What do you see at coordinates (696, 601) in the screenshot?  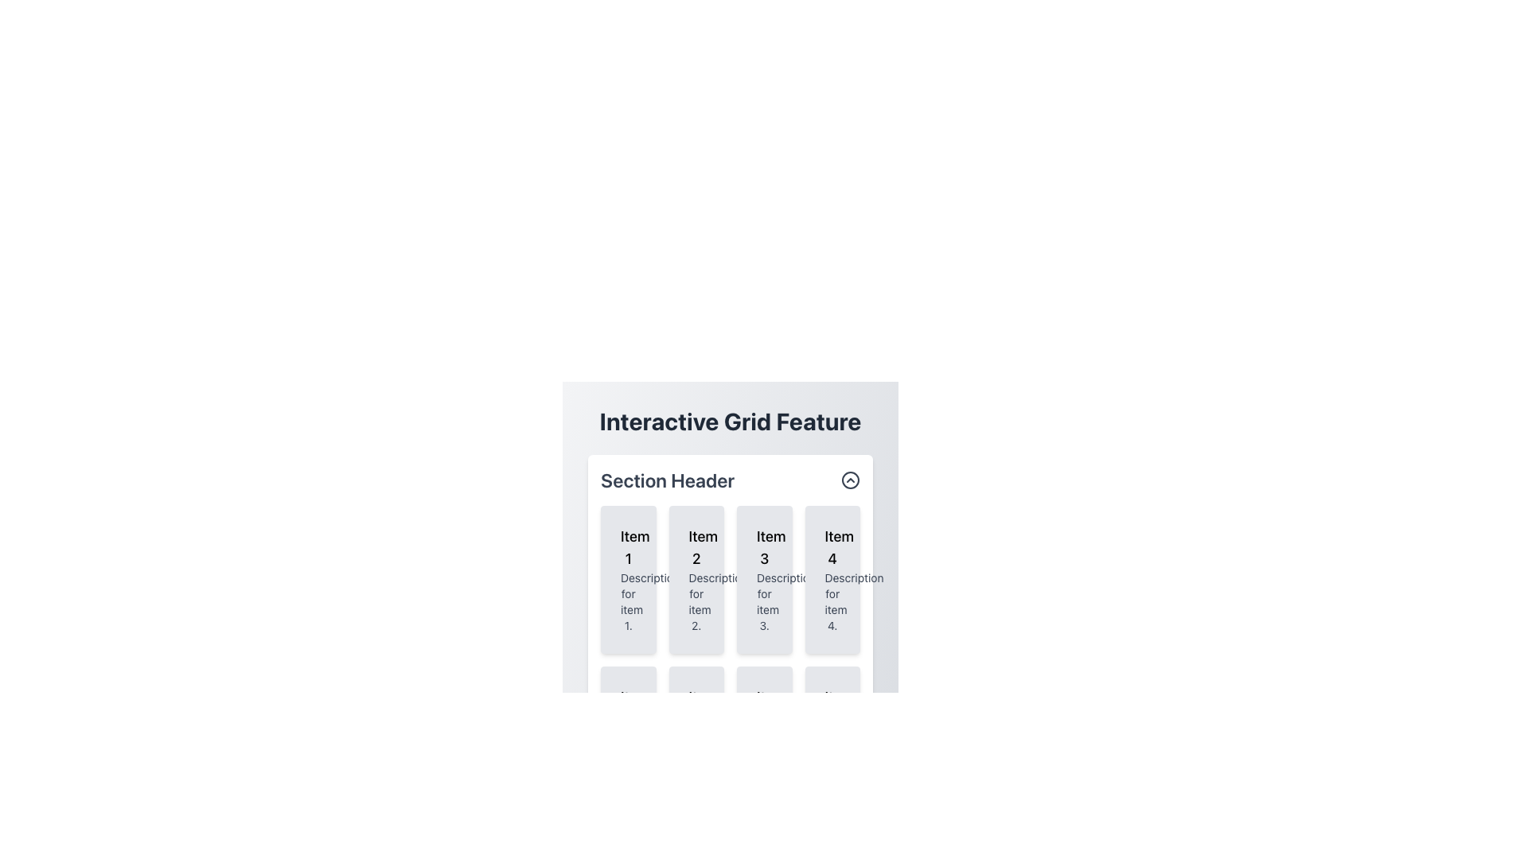 I see `text displayed in the label that shows 'Description for item 2.' located below the heading 'Item 2' in the bordered card` at bounding box center [696, 601].